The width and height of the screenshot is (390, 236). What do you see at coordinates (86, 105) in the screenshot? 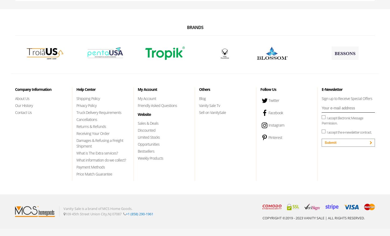
I see `'Privacy Policy'` at bounding box center [86, 105].